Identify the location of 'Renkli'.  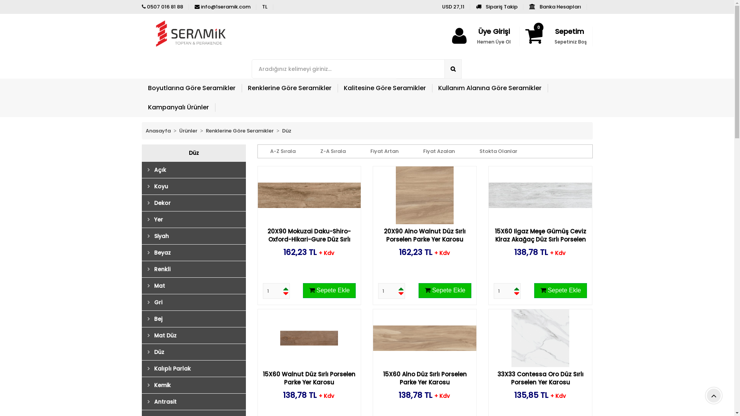
(199, 268).